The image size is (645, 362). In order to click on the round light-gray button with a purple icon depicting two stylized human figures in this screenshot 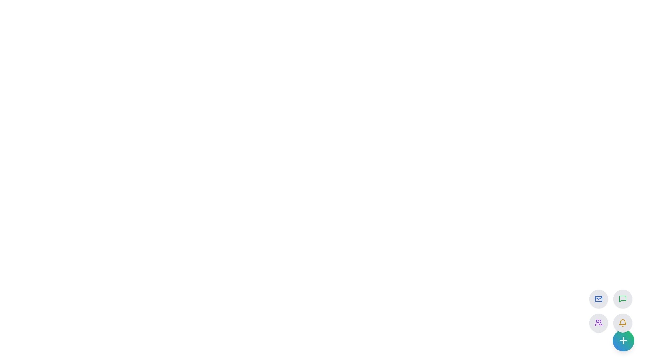, I will do `click(598, 323)`.